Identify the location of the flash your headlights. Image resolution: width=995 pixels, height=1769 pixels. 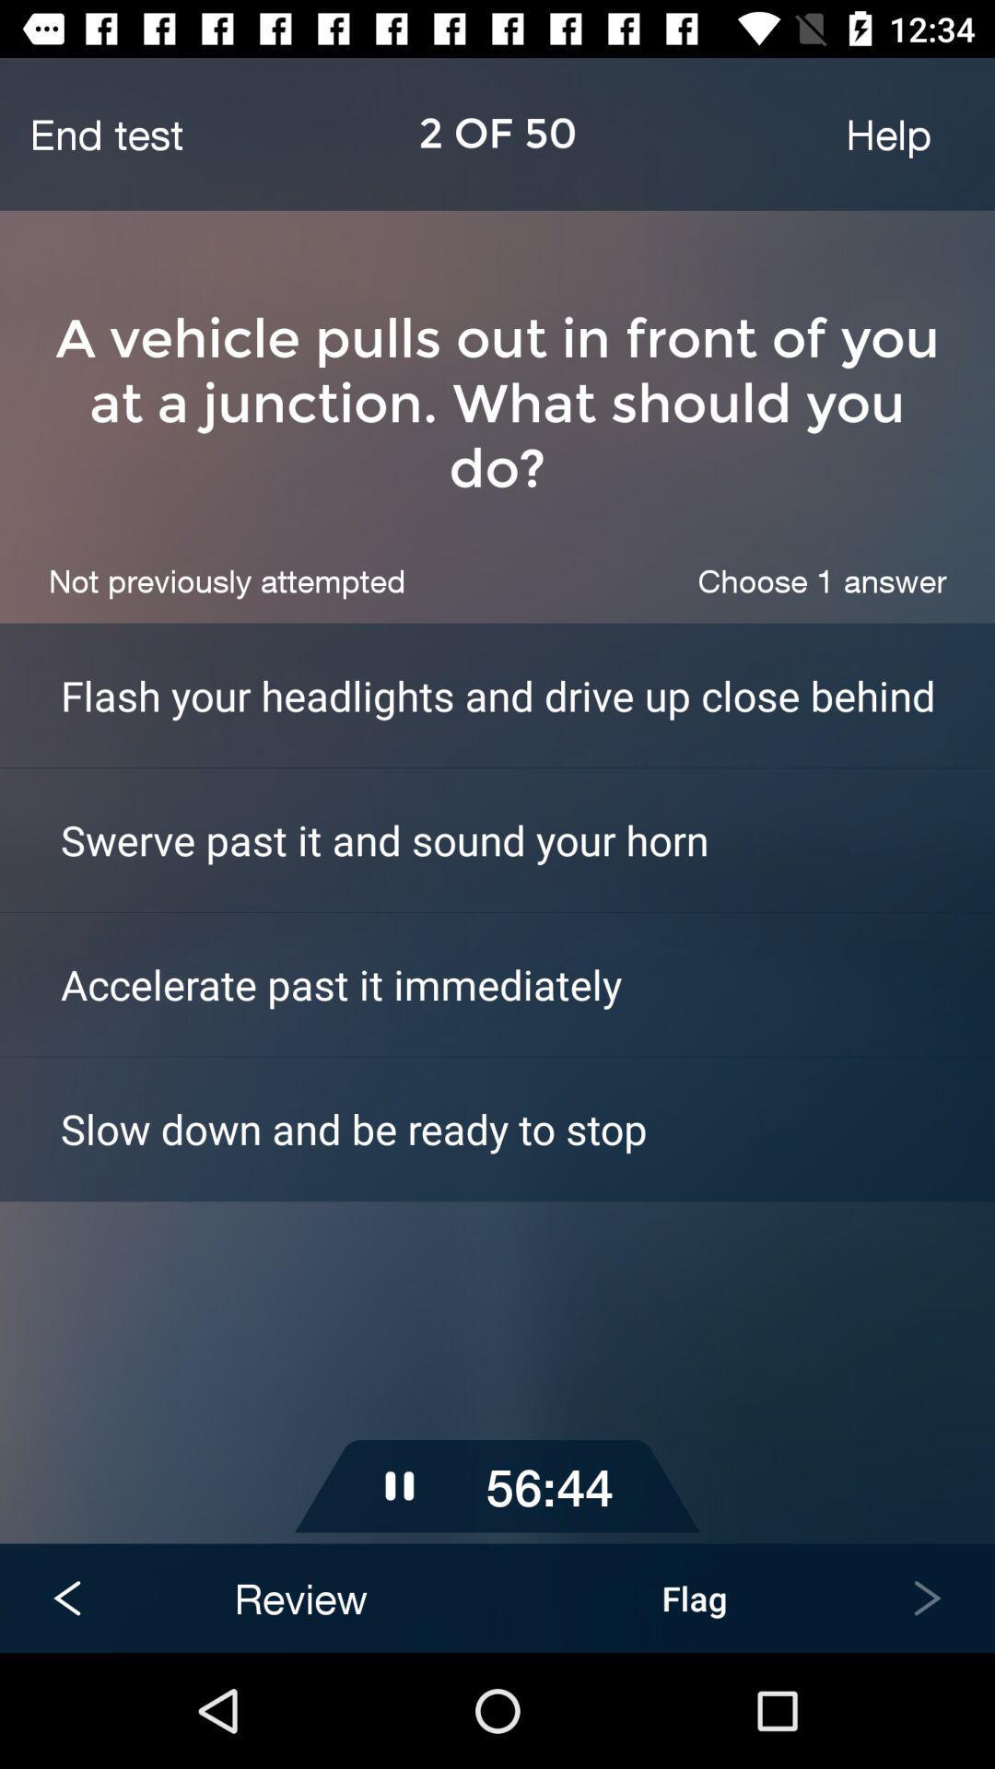
(528, 694).